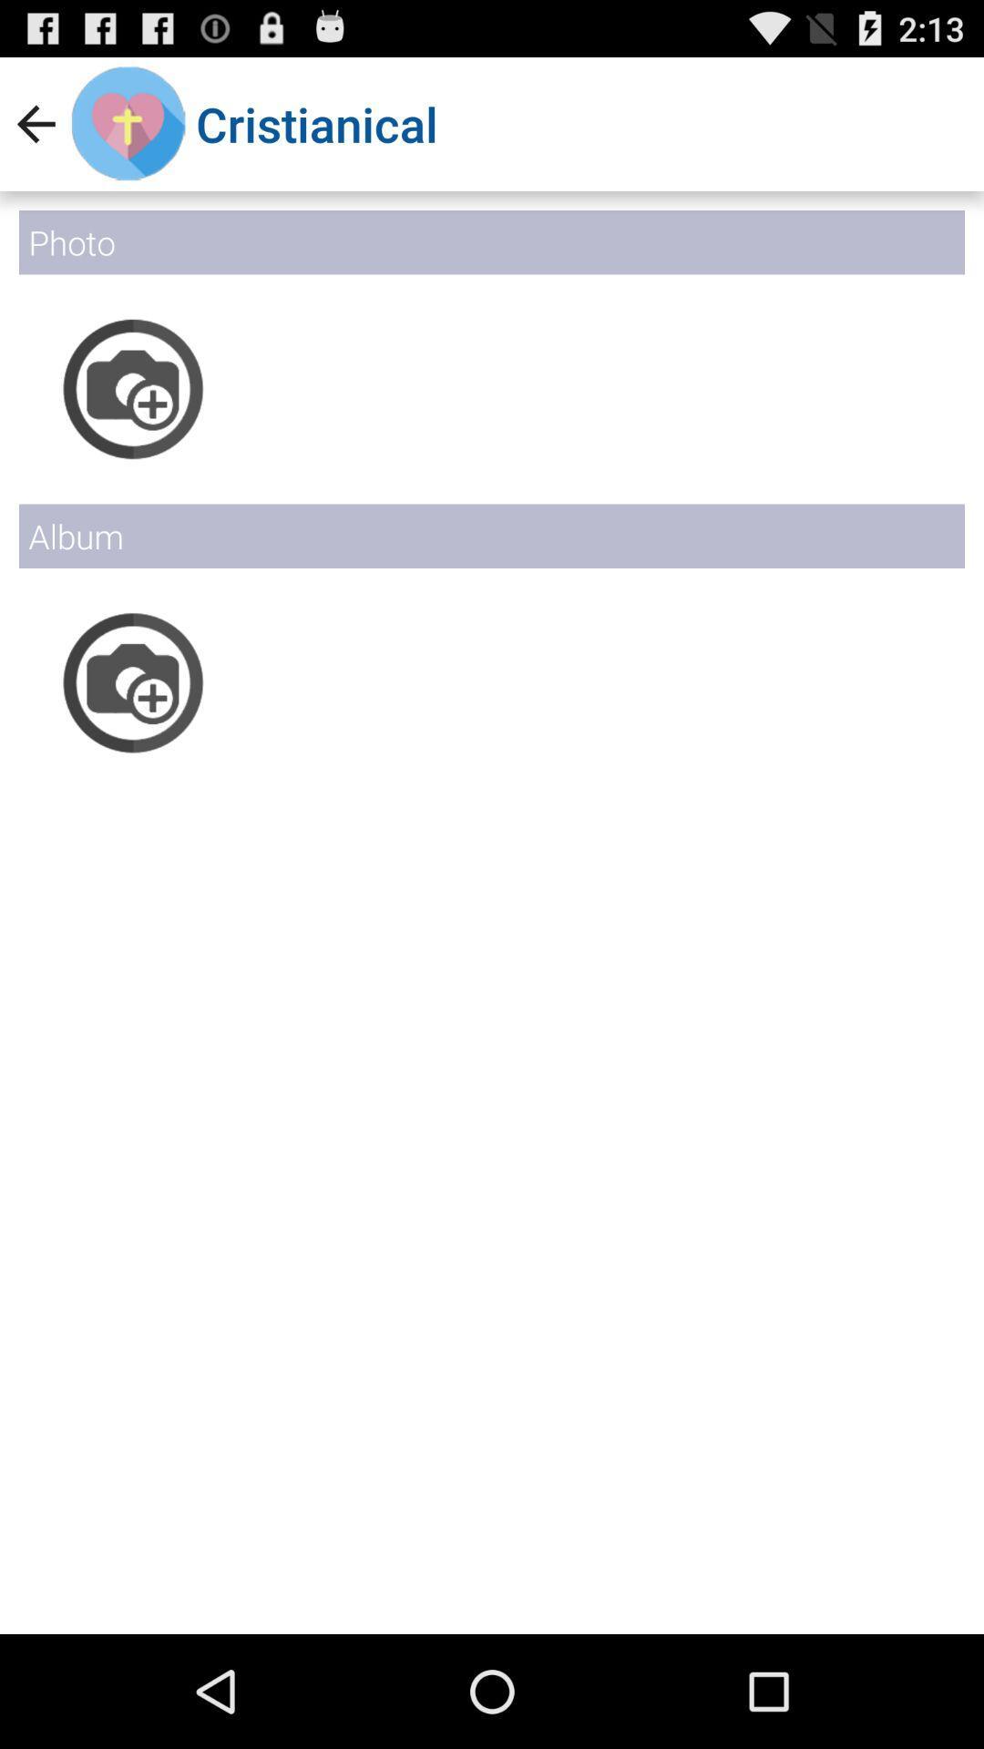 The height and width of the screenshot is (1749, 984). I want to click on the photo icon, so click(132, 731).